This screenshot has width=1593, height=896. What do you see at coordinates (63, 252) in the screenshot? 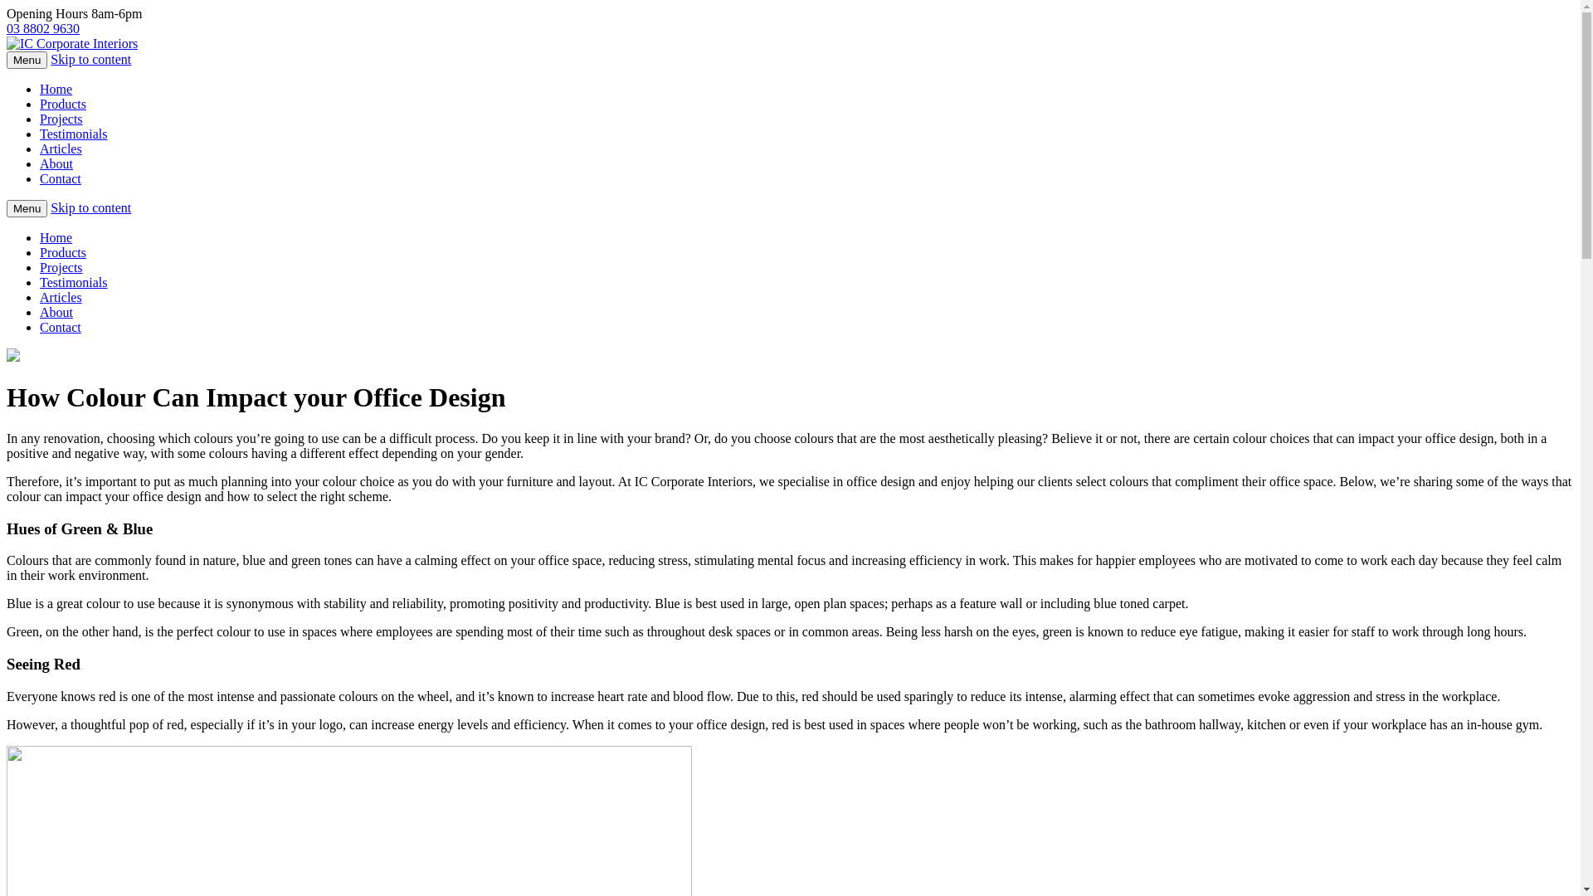
I see `'Products'` at bounding box center [63, 252].